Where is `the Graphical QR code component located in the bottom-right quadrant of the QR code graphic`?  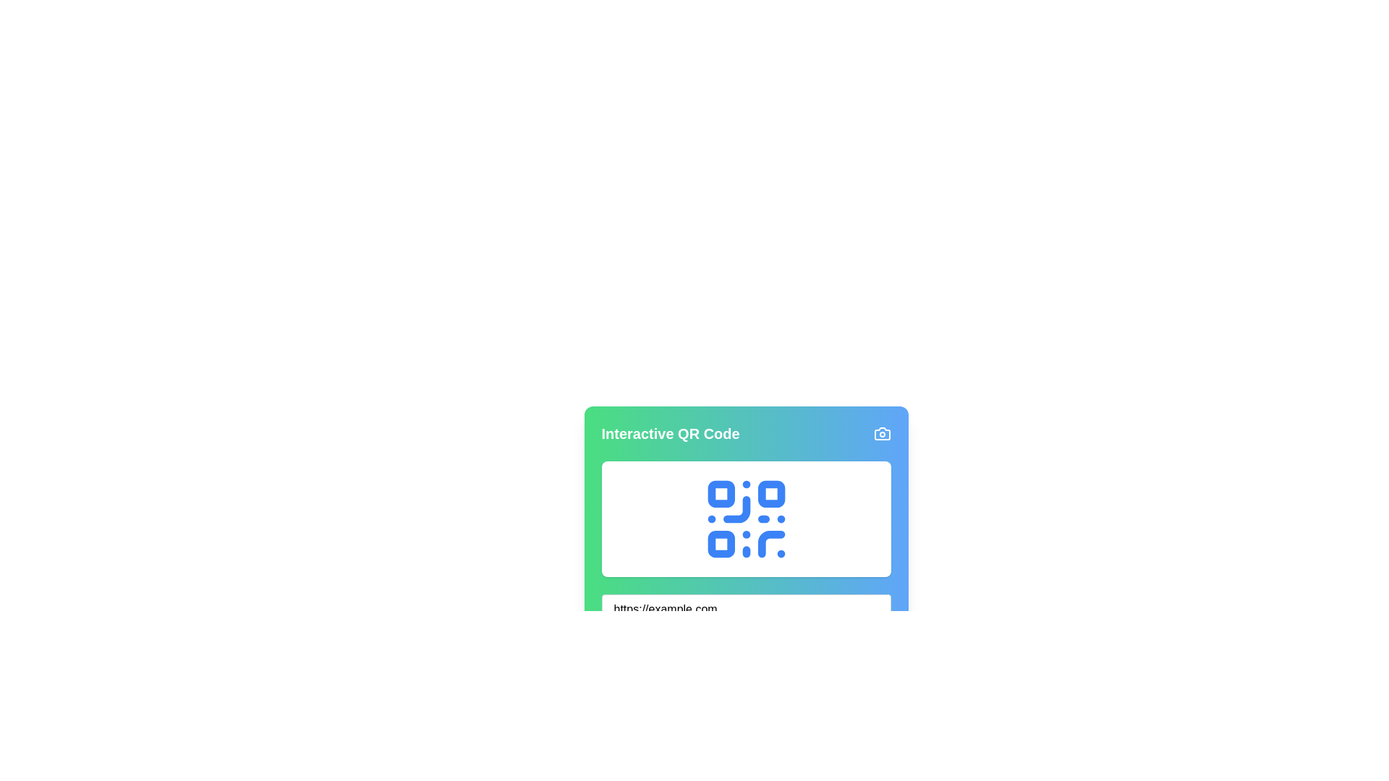
the Graphical QR code component located in the bottom-right quadrant of the QR code graphic is located at coordinates (770, 544).